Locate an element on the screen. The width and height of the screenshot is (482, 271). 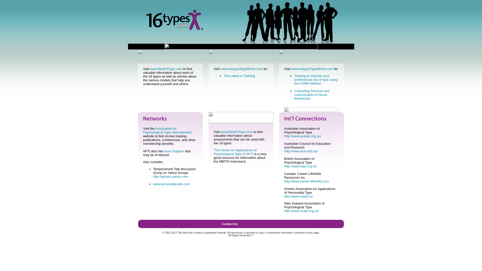
'http://www.oaapt.ca' is located at coordinates (298, 196).